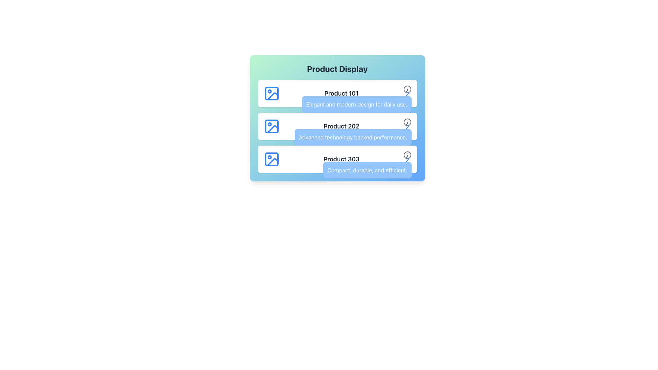 This screenshot has width=658, height=370. Describe the element at coordinates (407, 122) in the screenshot. I see `the tooltip activation icon located to the right of the 'Product 202' title in the second row of the product list` at that location.